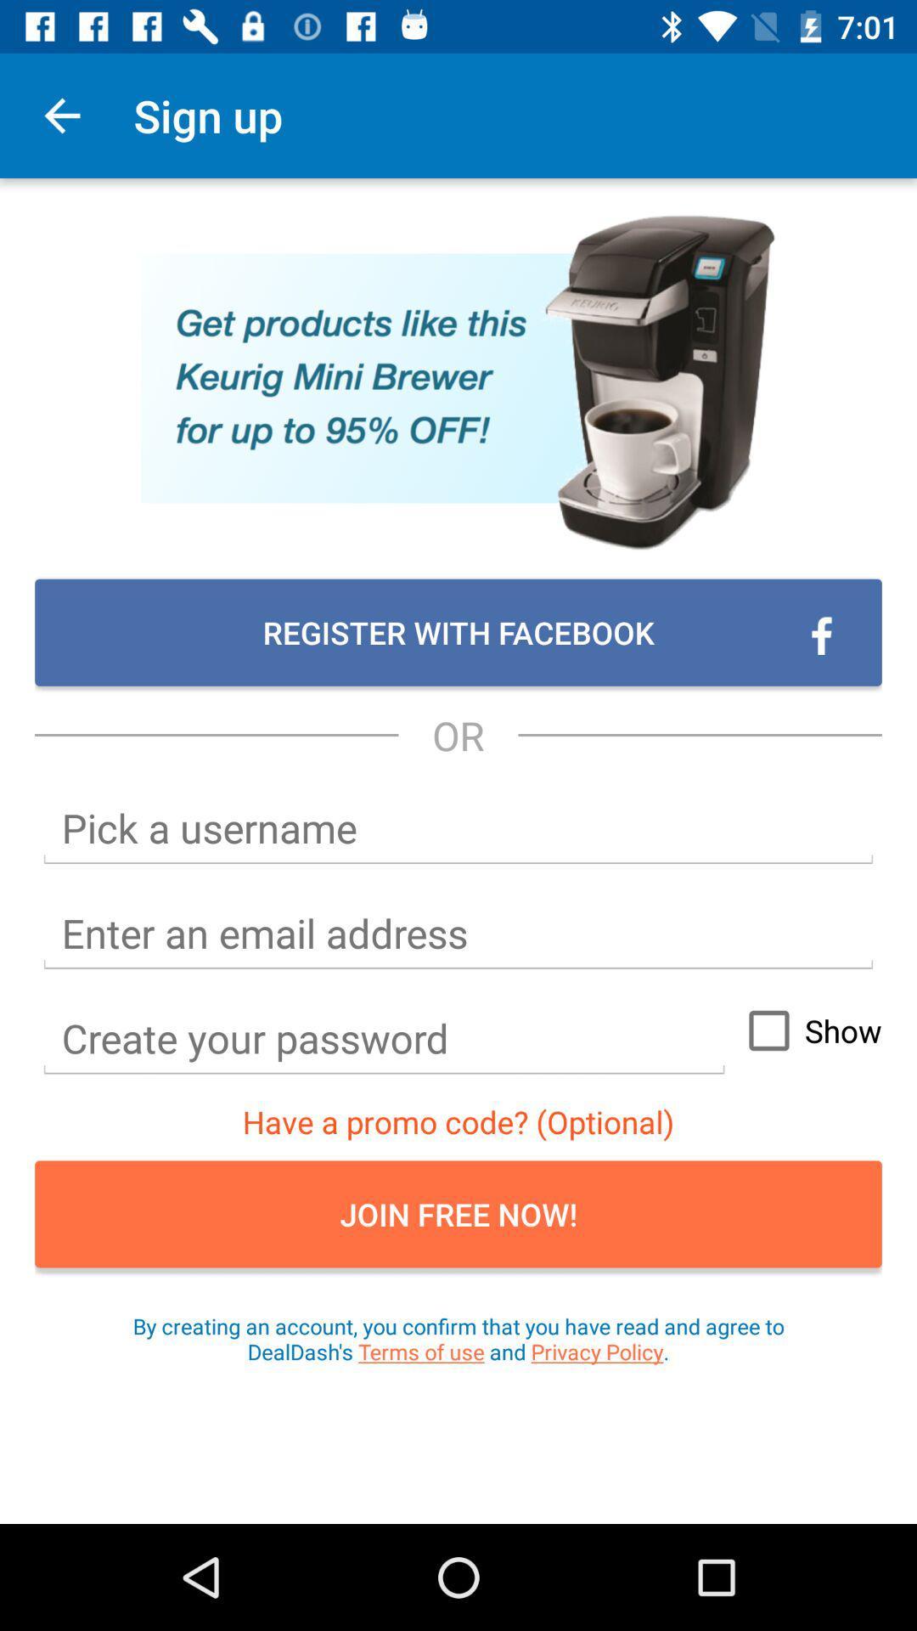  I want to click on item to the left of show, so click(384, 1038).